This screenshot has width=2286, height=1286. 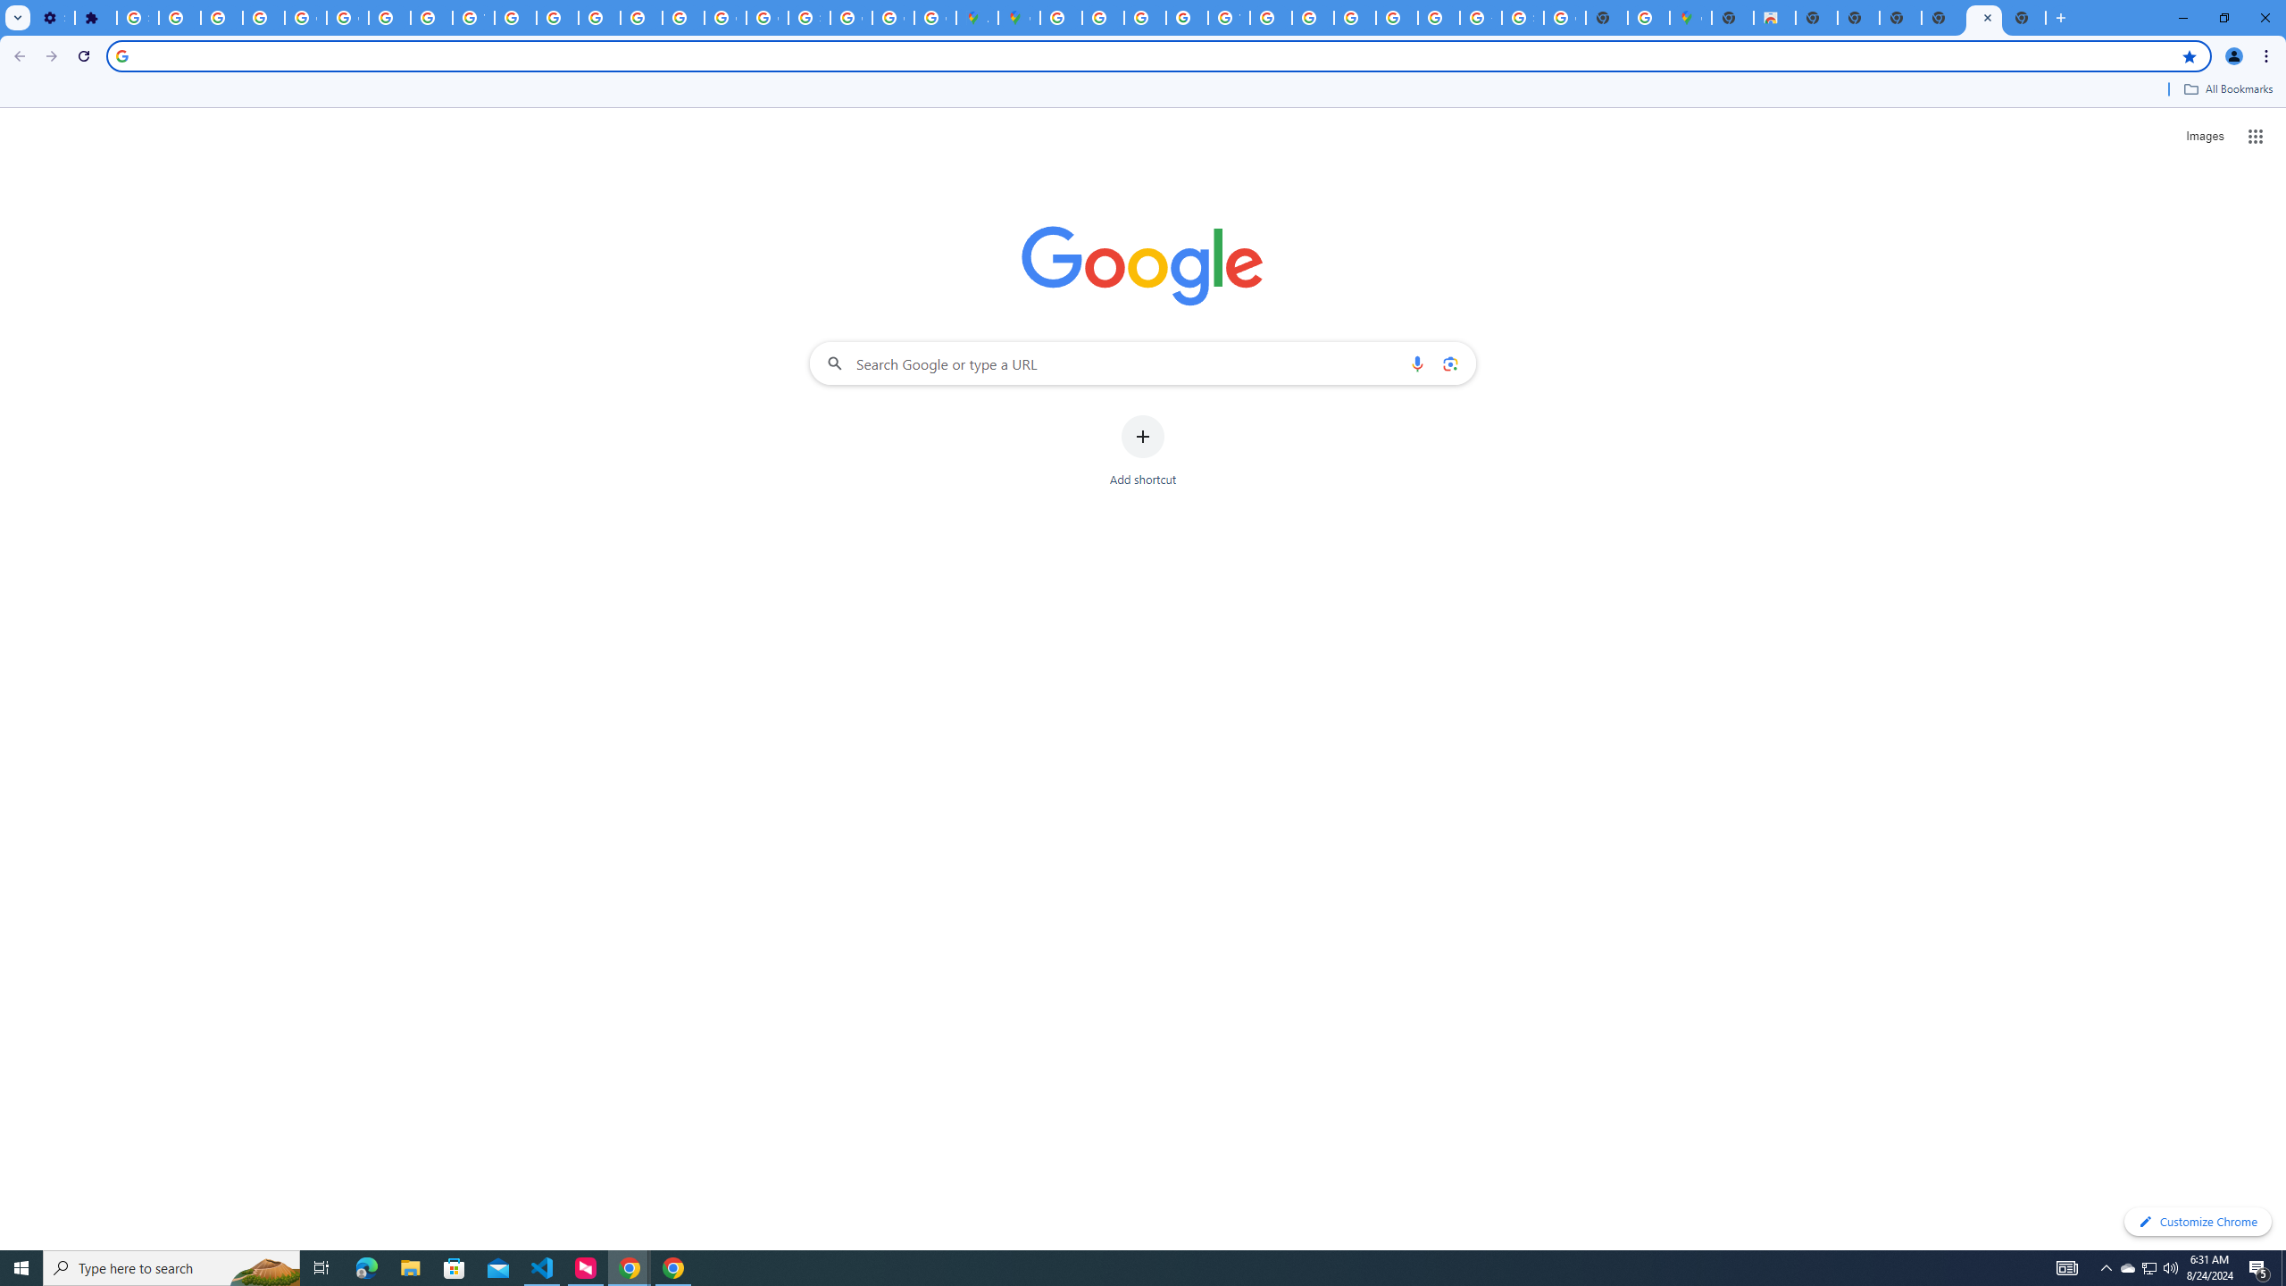 I want to click on 'New Tab', so click(x=2023, y=17).